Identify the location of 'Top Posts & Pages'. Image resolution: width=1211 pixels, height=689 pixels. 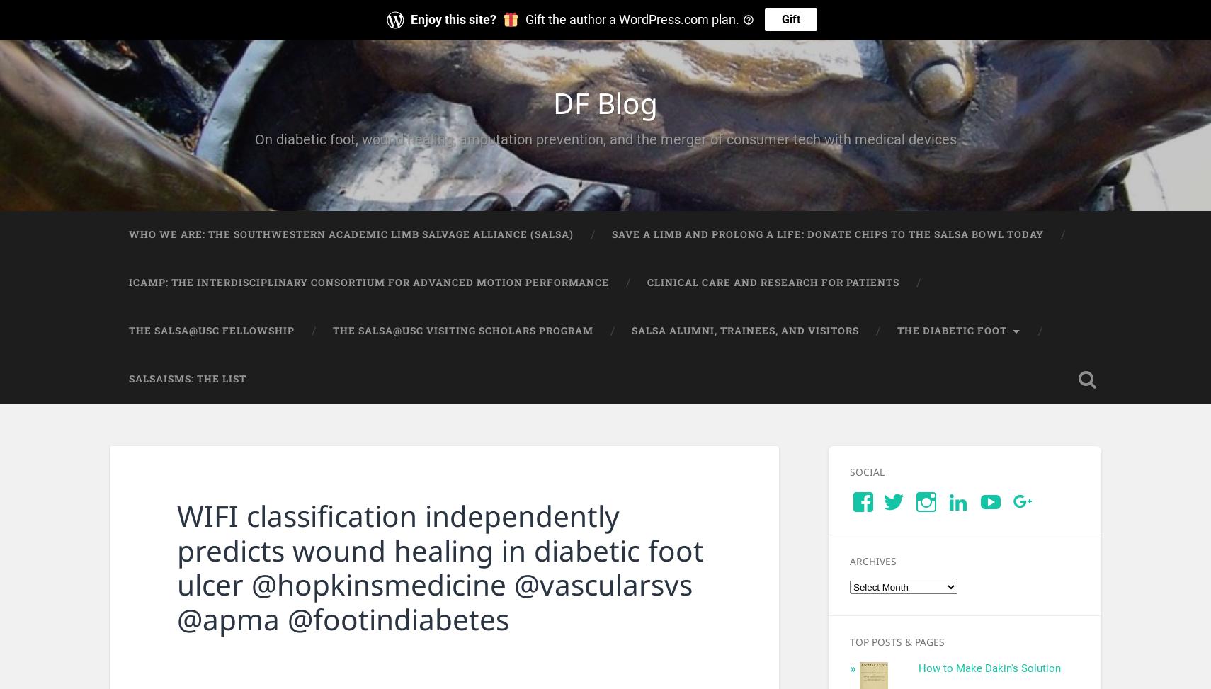
(896, 641).